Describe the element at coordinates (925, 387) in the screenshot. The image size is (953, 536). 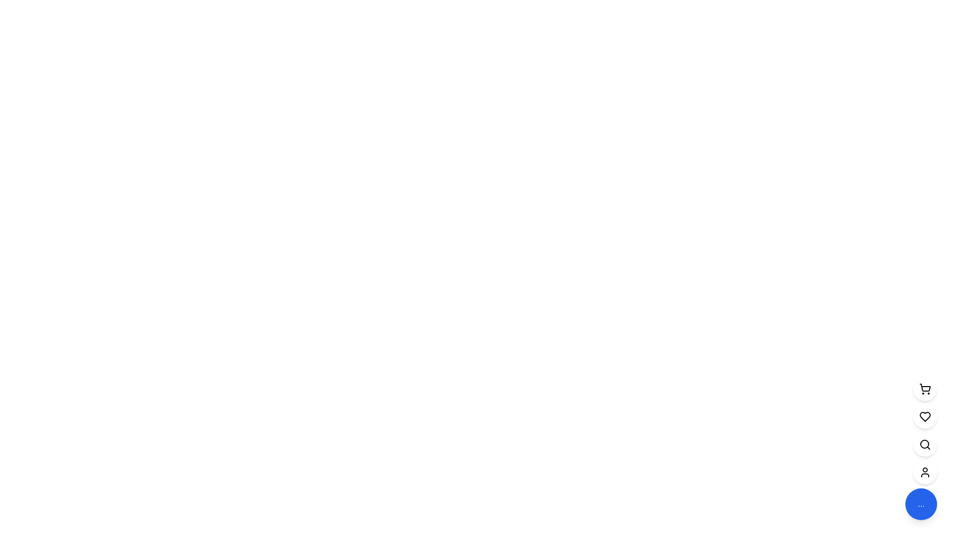
I see `the basket portion of the shopping cart icon located in the top-right corner of the vertical toolbar` at that location.